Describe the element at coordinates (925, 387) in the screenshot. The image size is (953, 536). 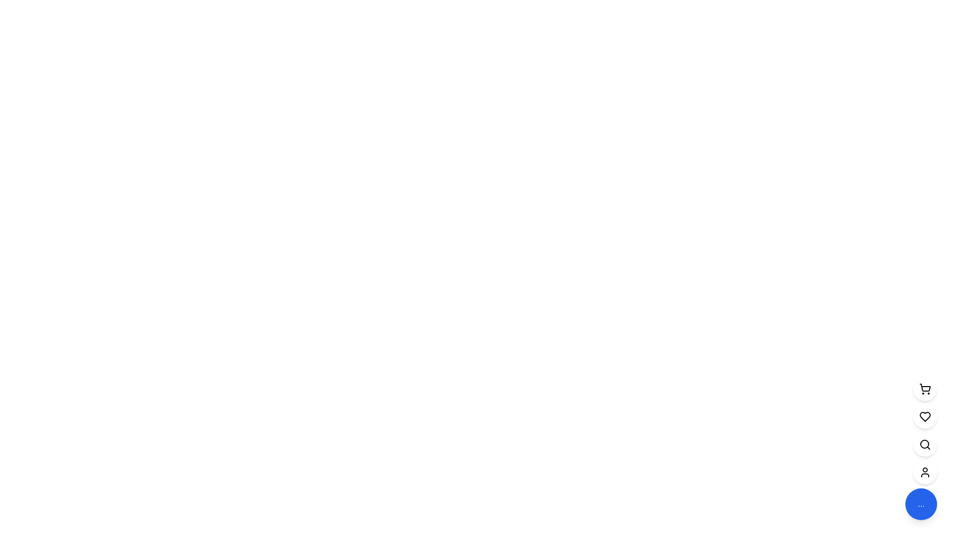
I see `the basket portion of the shopping cart icon located in the top-right corner of the vertical toolbar` at that location.